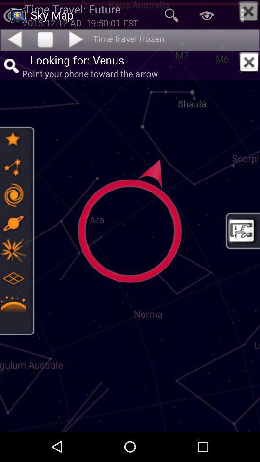 This screenshot has width=260, height=462. I want to click on the arrow_backward icon, so click(13, 39).